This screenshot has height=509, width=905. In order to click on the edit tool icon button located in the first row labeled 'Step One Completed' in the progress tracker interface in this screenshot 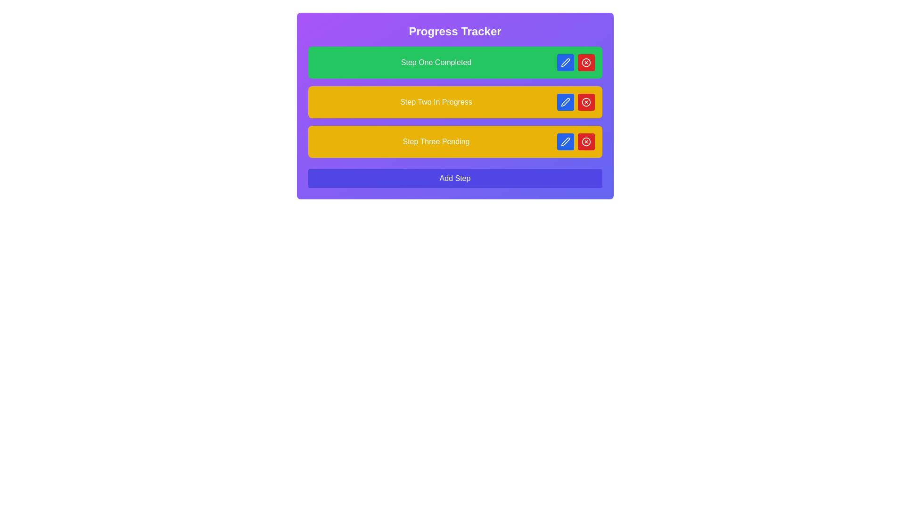, I will do `click(565, 62)`.